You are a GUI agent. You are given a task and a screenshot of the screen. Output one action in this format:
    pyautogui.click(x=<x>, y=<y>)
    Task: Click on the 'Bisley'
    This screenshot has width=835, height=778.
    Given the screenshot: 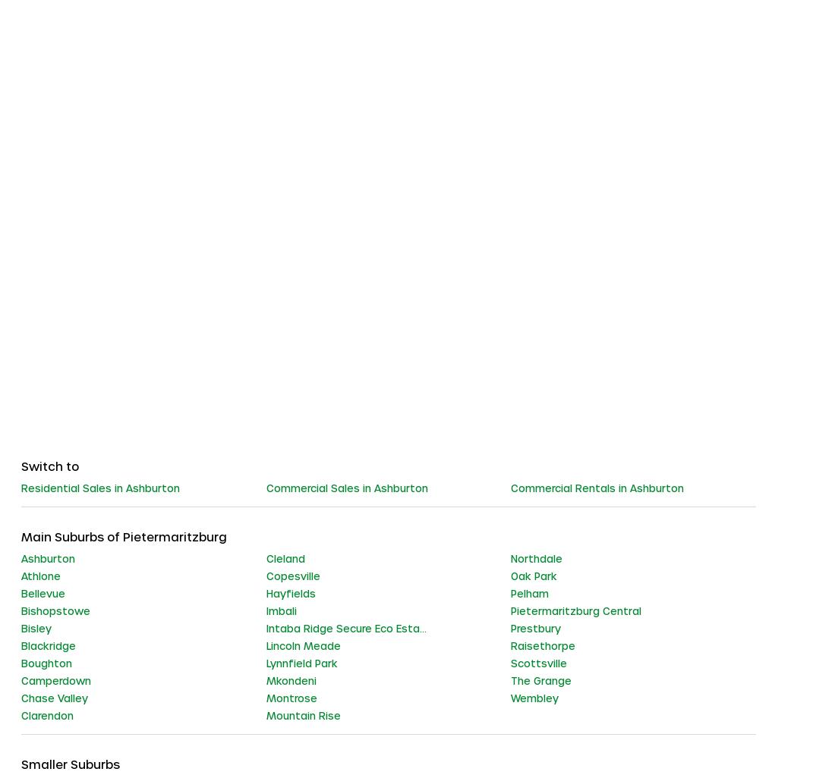 What is the action you would take?
    pyautogui.click(x=35, y=627)
    